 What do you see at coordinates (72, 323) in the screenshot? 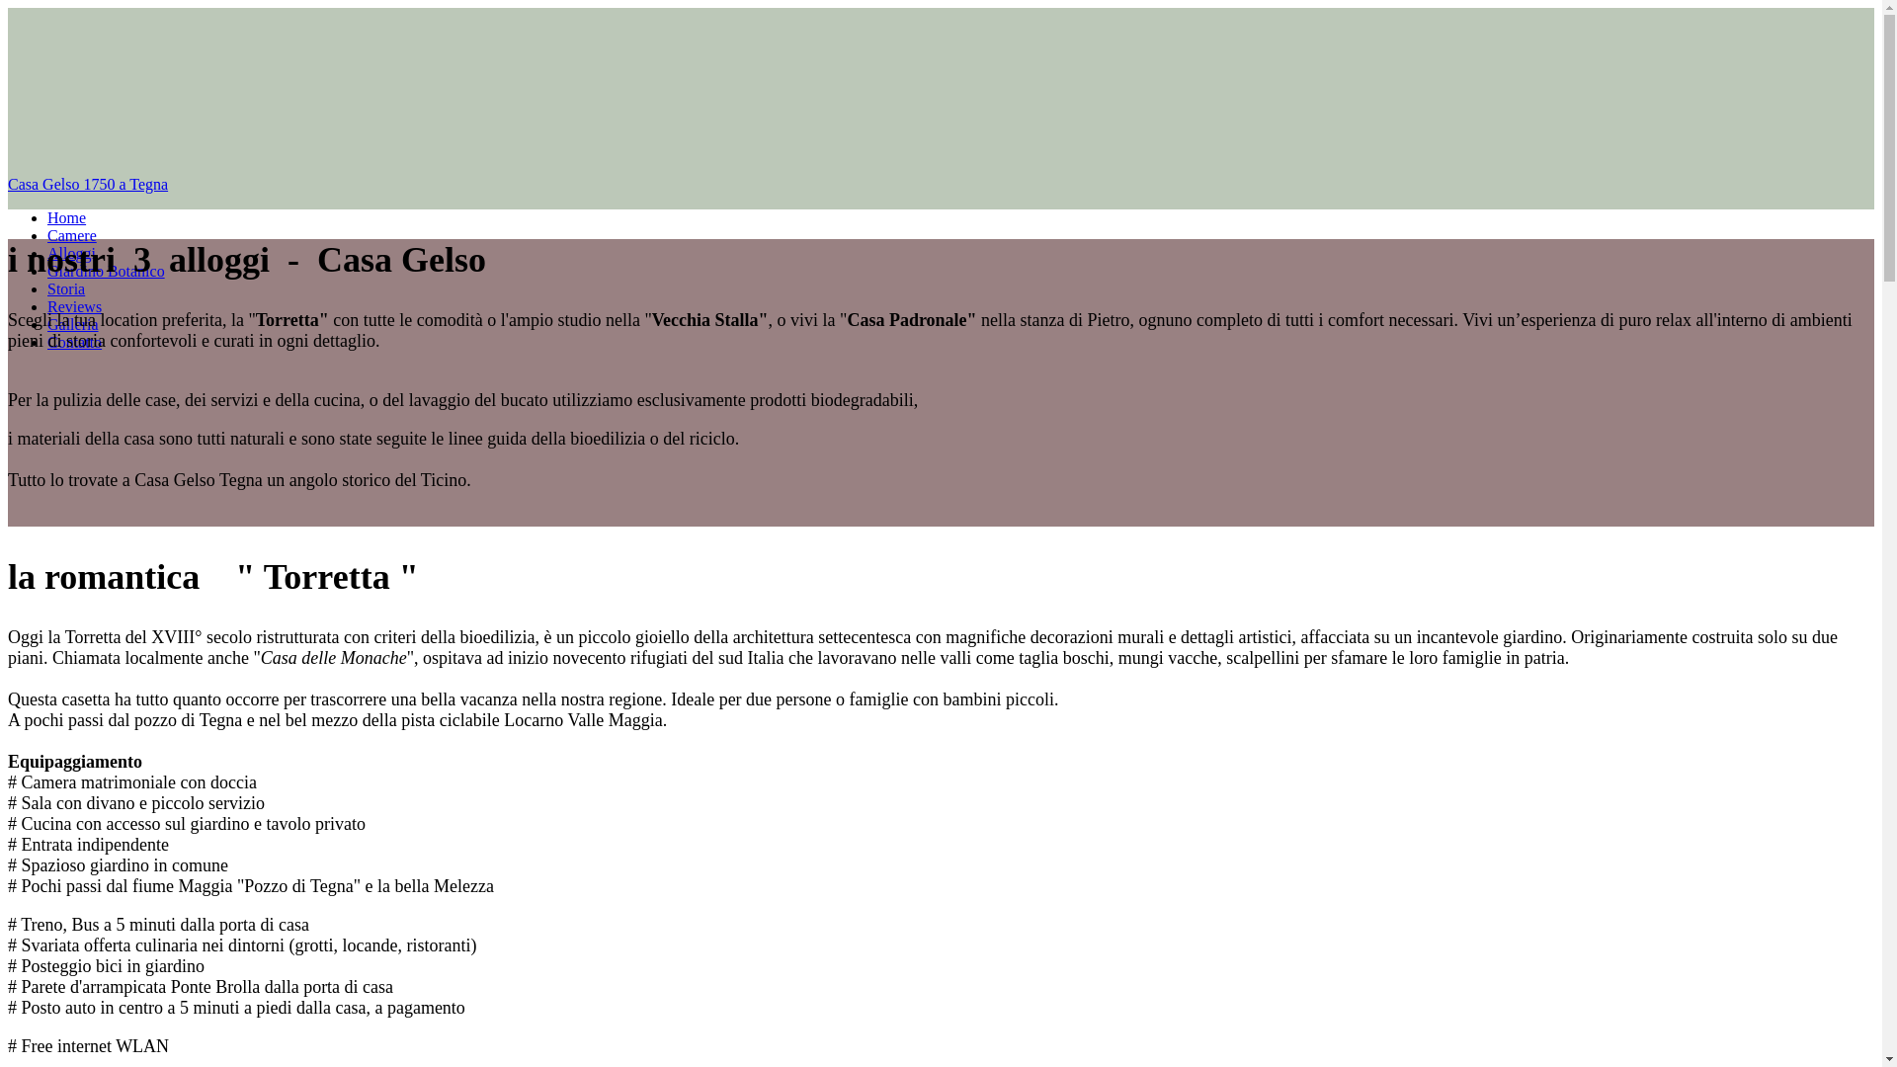
I see `'Galleria'` at bounding box center [72, 323].